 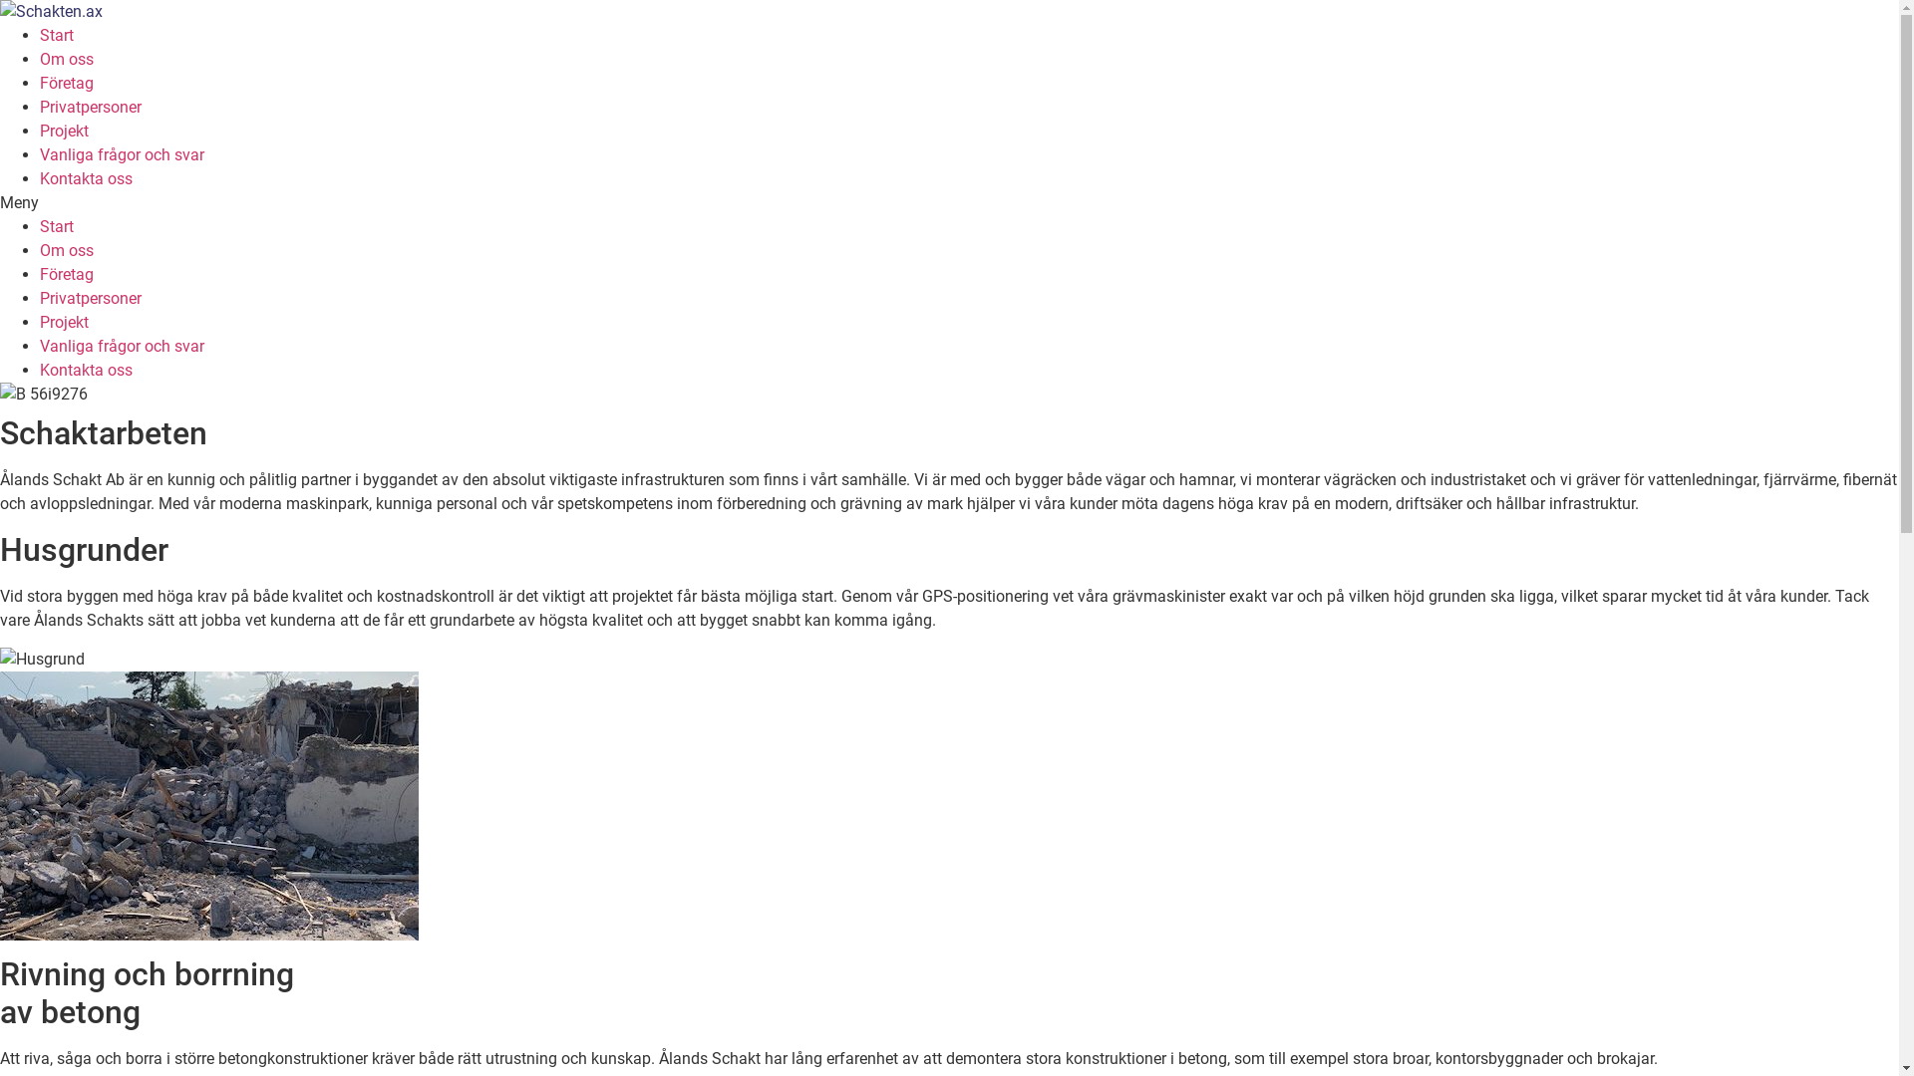 I want to click on 'Om oss', so click(x=67, y=58).